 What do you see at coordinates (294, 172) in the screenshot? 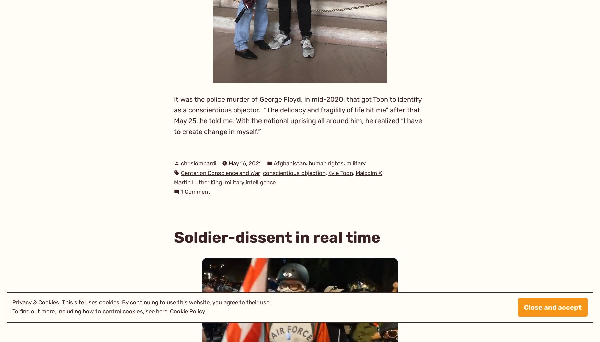
I see `'conscientious objection'` at bounding box center [294, 172].